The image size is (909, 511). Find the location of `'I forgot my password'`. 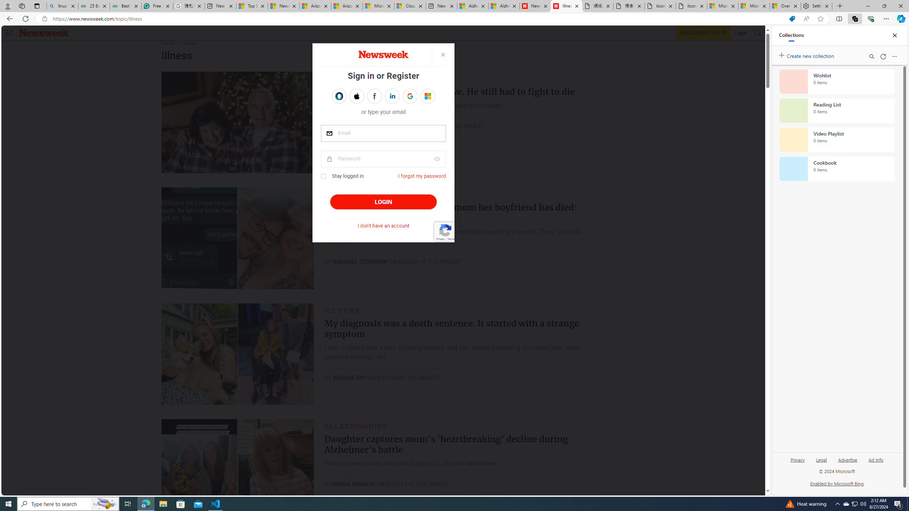

'I forgot my password' is located at coordinates (422, 176).